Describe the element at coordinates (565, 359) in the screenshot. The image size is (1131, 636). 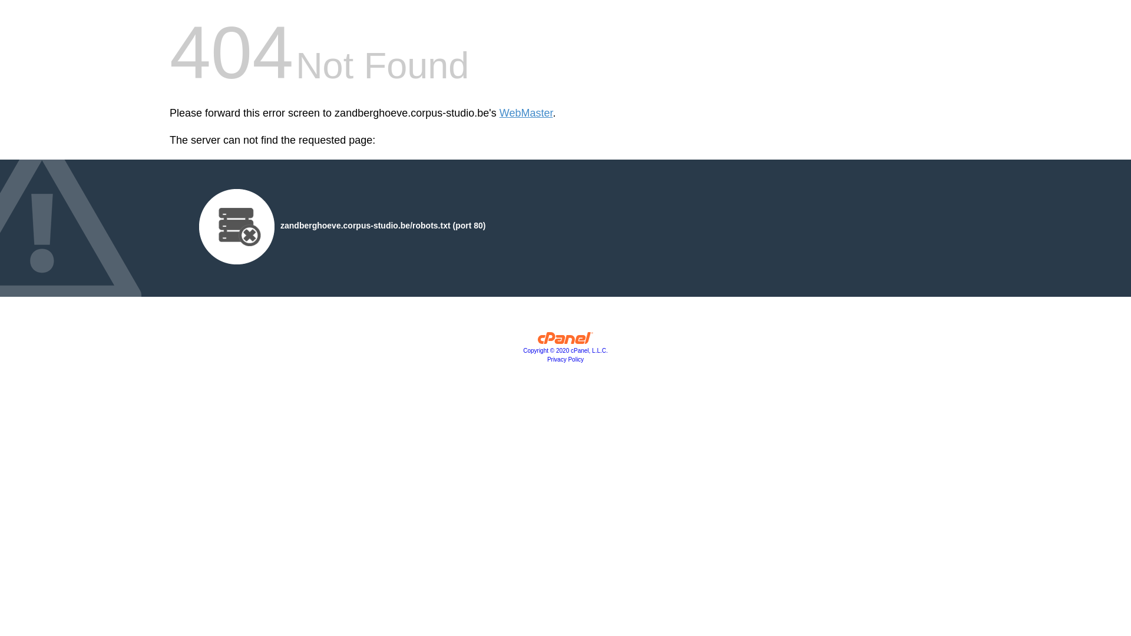
I see `'Privacy Policy'` at that location.